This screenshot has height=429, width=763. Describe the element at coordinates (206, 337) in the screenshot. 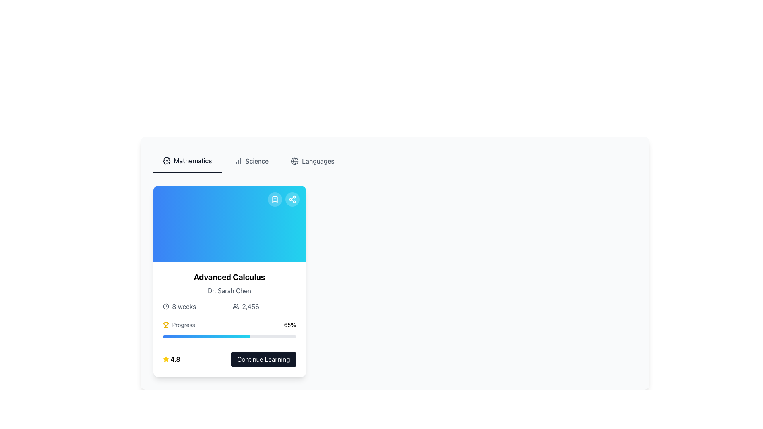

I see `the filled portion of the progress bar segment, which is visually styled with a gradient from blue to cyan, located at the bottom of the card interface under the 'Progress' label and '65%' percentage` at that location.